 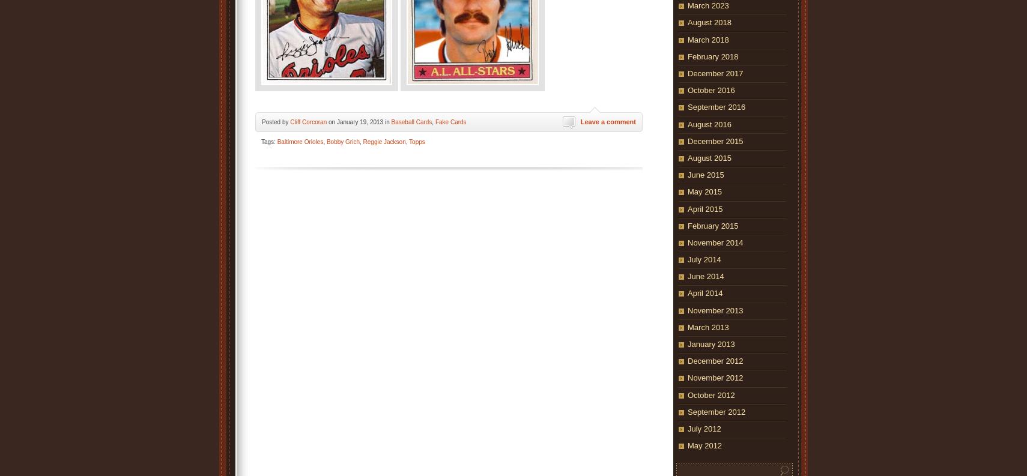 What do you see at coordinates (384, 142) in the screenshot?
I see `'Reggie Jackson'` at bounding box center [384, 142].